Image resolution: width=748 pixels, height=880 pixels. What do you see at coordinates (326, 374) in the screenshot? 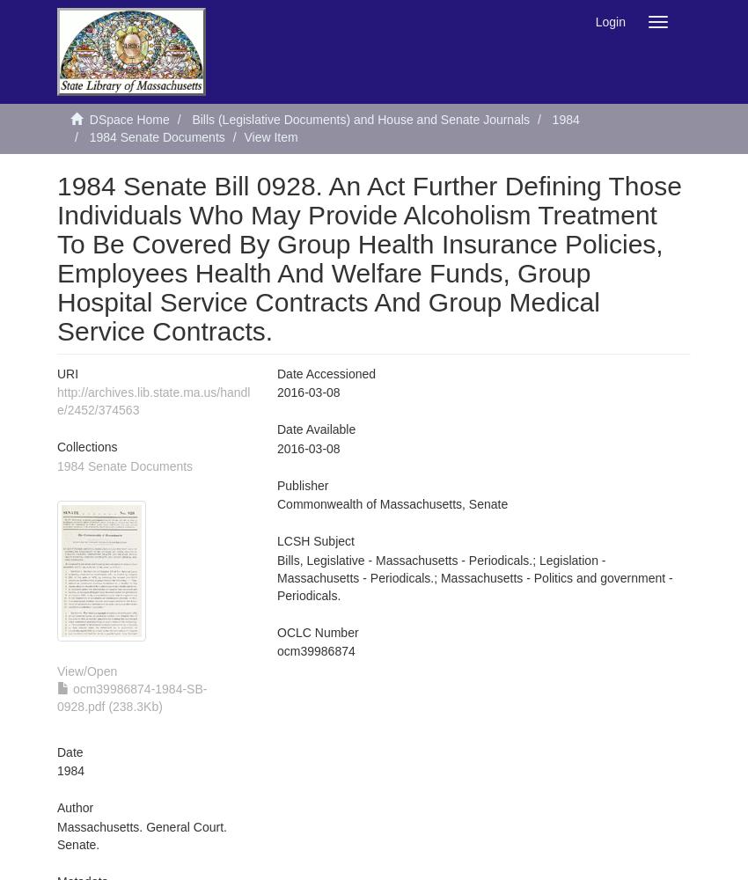
I see `'Date Accessioned'` at bounding box center [326, 374].